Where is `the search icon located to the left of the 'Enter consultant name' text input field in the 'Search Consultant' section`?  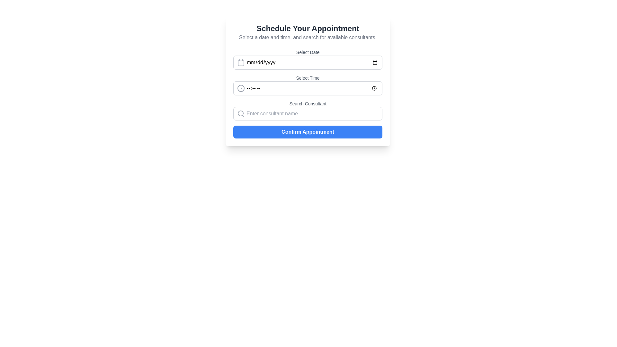
the search icon located to the left of the 'Enter consultant name' text input field in the 'Search Consultant' section is located at coordinates (240, 113).